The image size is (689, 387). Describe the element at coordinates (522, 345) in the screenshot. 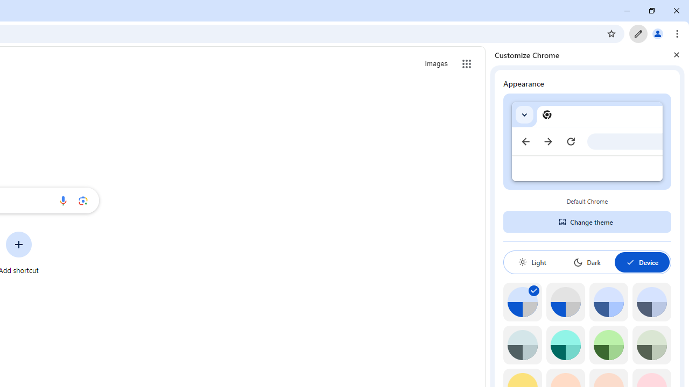

I see `'Grey'` at that location.